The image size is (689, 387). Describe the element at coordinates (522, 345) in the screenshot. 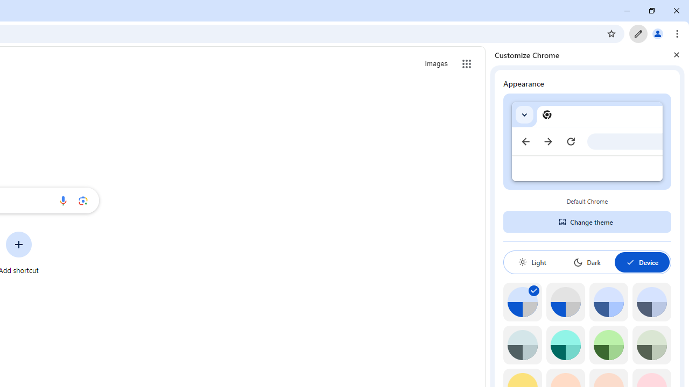

I see `'Grey'` at that location.